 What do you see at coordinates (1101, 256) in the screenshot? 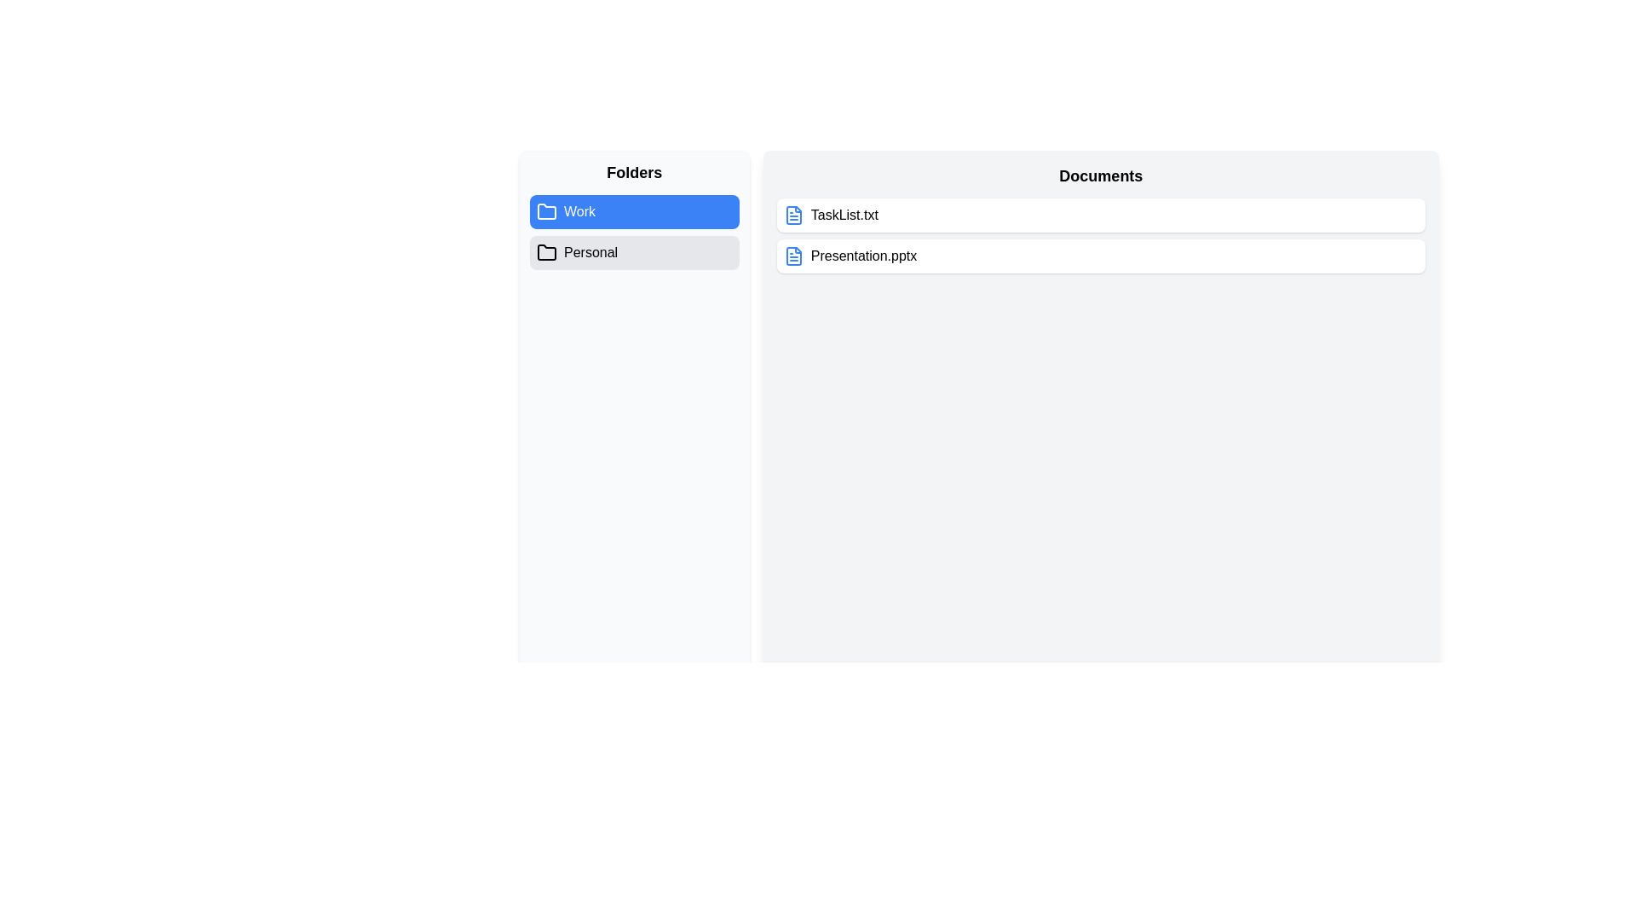
I see `the file entry named 'Presentation.pptx' located in the second row of the 'Documents' list` at bounding box center [1101, 256].